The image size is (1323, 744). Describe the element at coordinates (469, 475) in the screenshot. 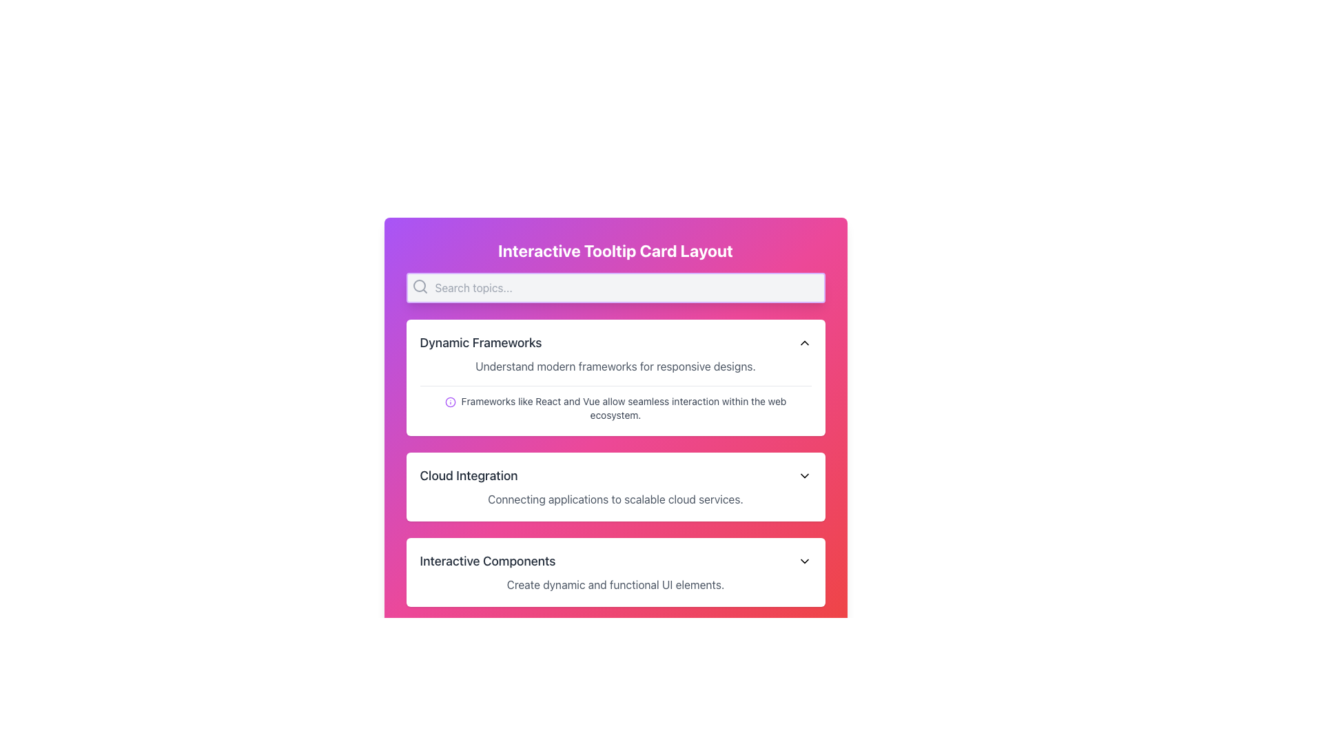

I see `the text label displaying the title 'Cloud Integration', which is positioned in the middle section of the card layout` at that location.